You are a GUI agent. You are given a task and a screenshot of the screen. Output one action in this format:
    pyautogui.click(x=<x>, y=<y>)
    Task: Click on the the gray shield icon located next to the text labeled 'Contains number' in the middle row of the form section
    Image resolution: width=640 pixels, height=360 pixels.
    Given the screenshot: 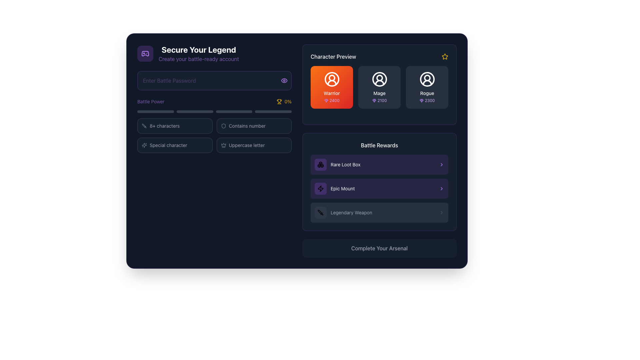 What is the action you would take?
    pyautogui.click(x=223, y=126)
    